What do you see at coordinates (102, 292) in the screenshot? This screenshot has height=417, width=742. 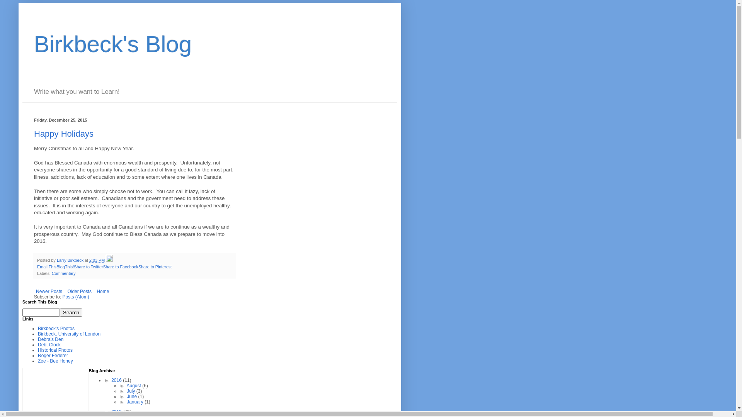 I see `'Home'` at bounding box center [102, 292].